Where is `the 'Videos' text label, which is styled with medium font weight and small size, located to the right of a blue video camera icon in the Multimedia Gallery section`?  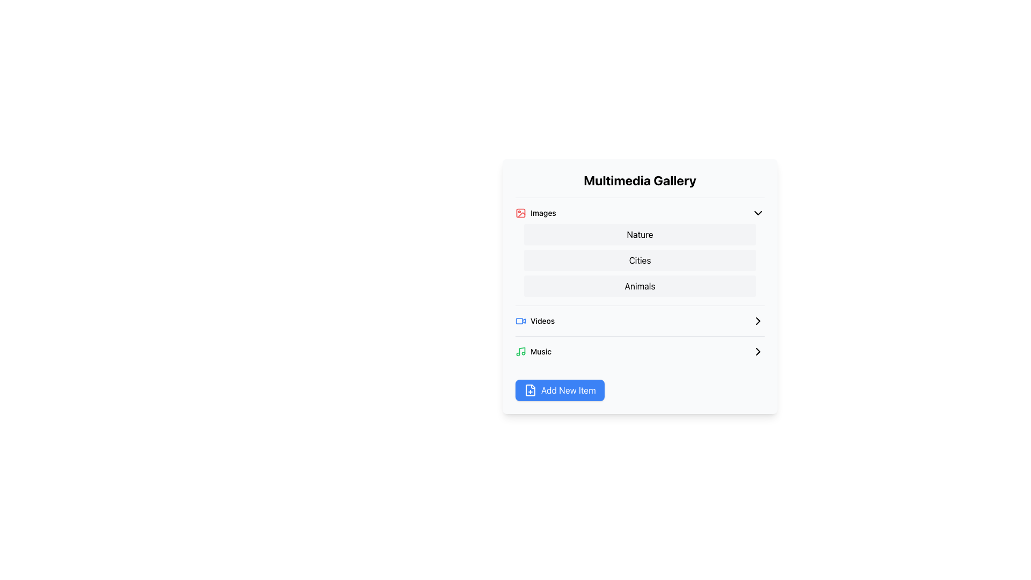 the 'Videos' text label, which is styled with medium font weight and small size, located to the right of a blue video camera icon in the Multimedia Gallery section is located at coordinates (542, 320).